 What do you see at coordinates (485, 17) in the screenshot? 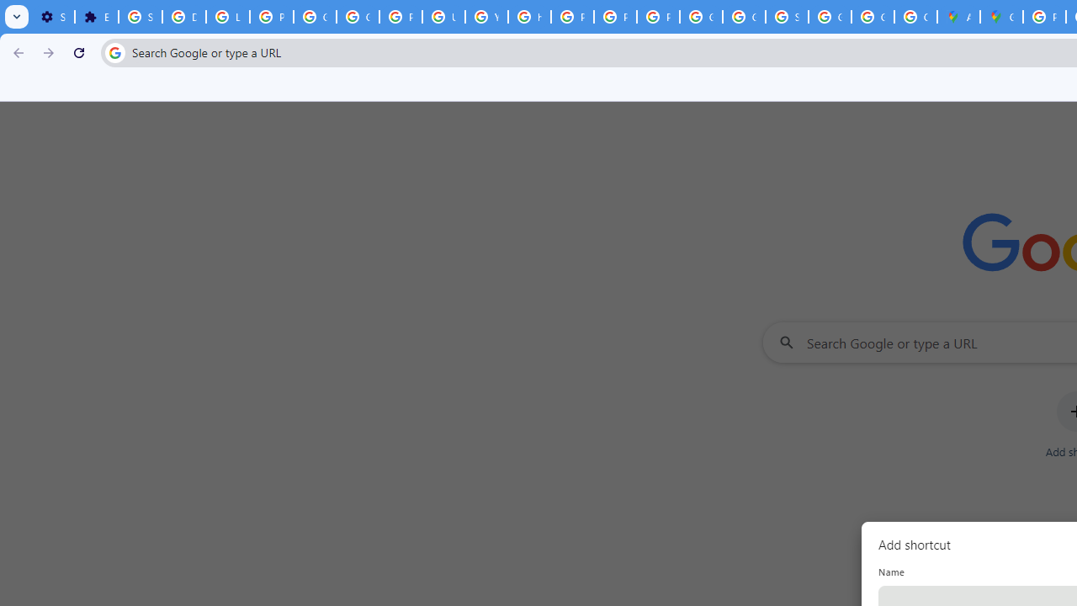
I see `'YouTube'` at bounding box center [485, 17].